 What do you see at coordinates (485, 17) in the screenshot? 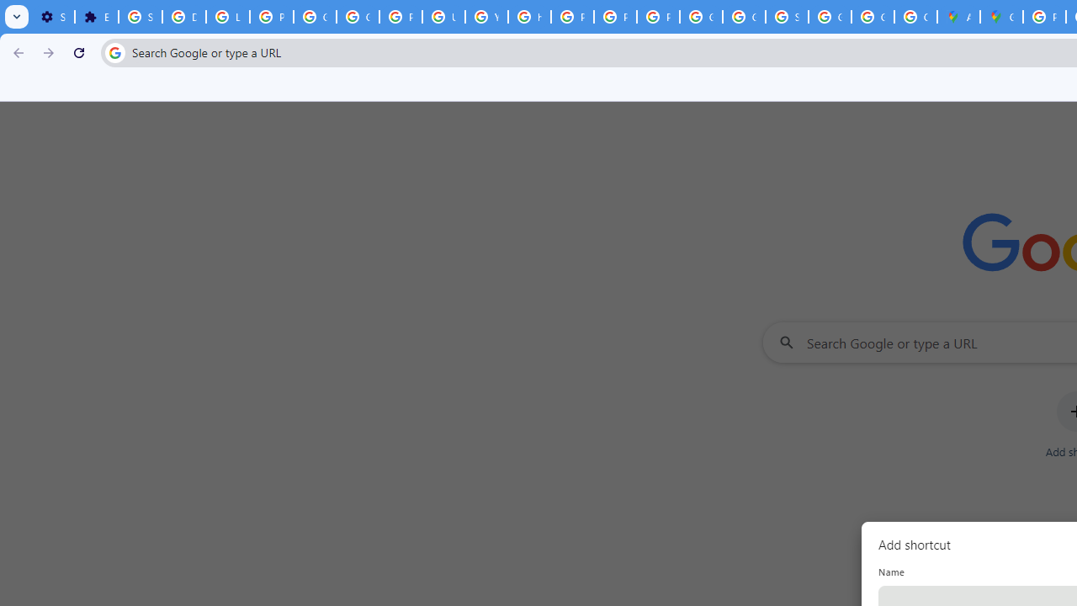
I see `'YouTube'` at bounding box center [485, 17].